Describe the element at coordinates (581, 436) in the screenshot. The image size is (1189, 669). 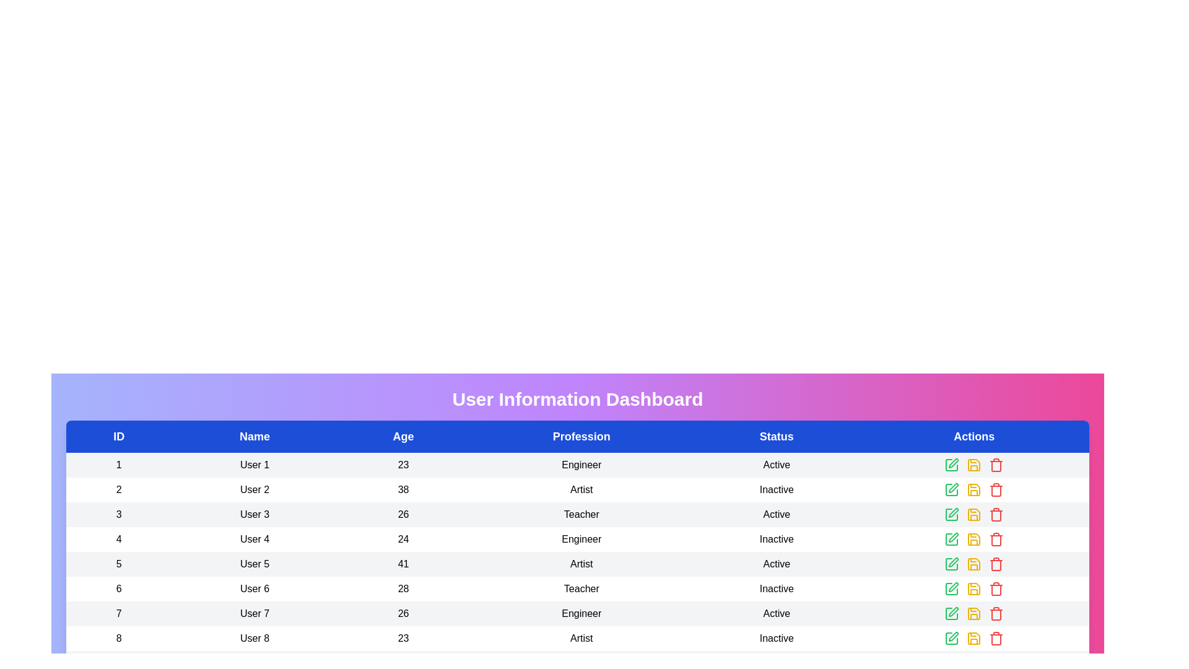
I see `the column header labeled 'Profession' to sort the table by that column` at that location.